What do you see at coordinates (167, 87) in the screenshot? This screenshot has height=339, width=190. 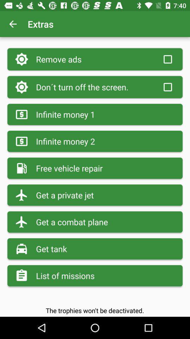 I see `mark the sele` at bounding box center [167, 87].